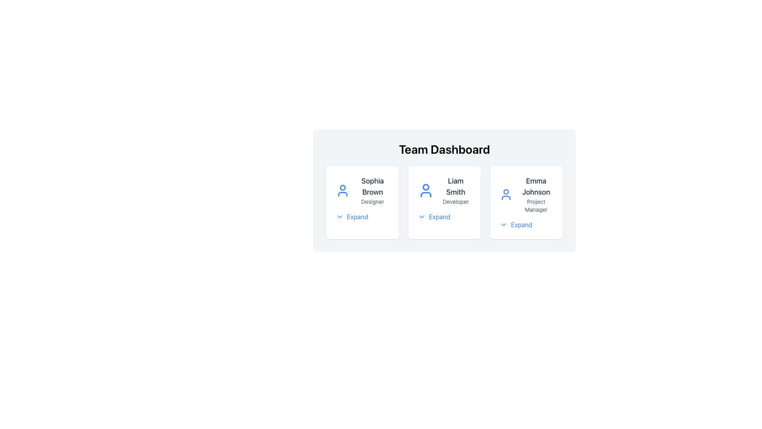 This screenshot has width=762, height=429. What do you see at coordinates (425, 187) in the screenshot?
I see `the circular icon component within the user profile icon for 'Liam Smith' located in the second card of the Team Dashboard interface` at bounding box center [425, 187].